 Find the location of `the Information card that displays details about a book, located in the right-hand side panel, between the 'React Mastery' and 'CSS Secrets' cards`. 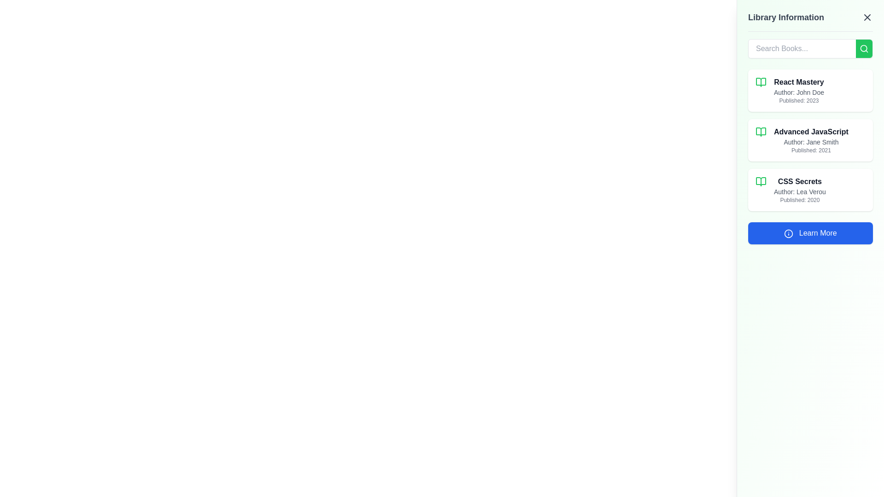

the Information card that displays details about a book, located in the right-hand side panel, between the 'React Mastery' and 'CSS Secrets' cards is located at coordinates (810, 140).